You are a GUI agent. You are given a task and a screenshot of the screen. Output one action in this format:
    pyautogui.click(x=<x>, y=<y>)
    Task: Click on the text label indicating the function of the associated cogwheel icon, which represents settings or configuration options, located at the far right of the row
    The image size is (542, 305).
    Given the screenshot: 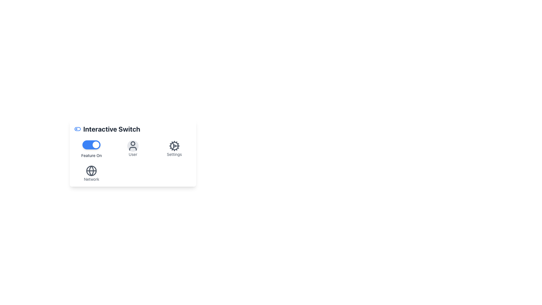 What is the action you would take?
    pyautogui.click(x=174, y=154)
    